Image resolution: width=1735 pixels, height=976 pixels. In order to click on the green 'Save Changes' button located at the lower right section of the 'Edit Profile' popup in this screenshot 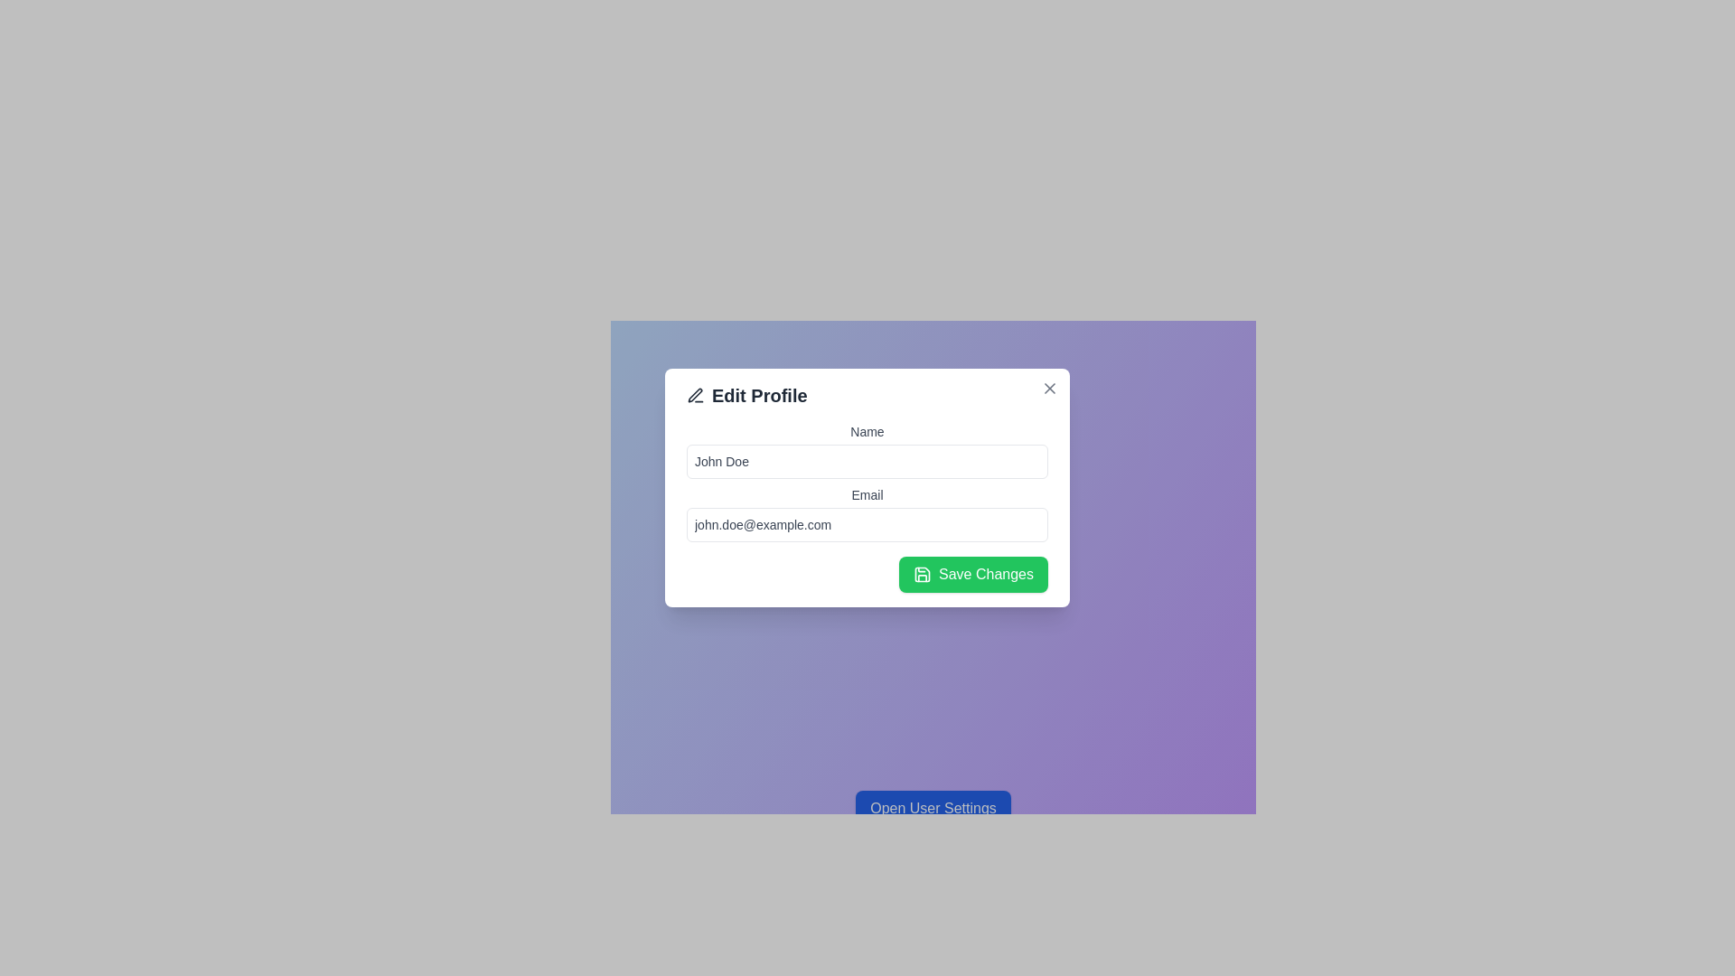, I will do `click(867, 575)`.